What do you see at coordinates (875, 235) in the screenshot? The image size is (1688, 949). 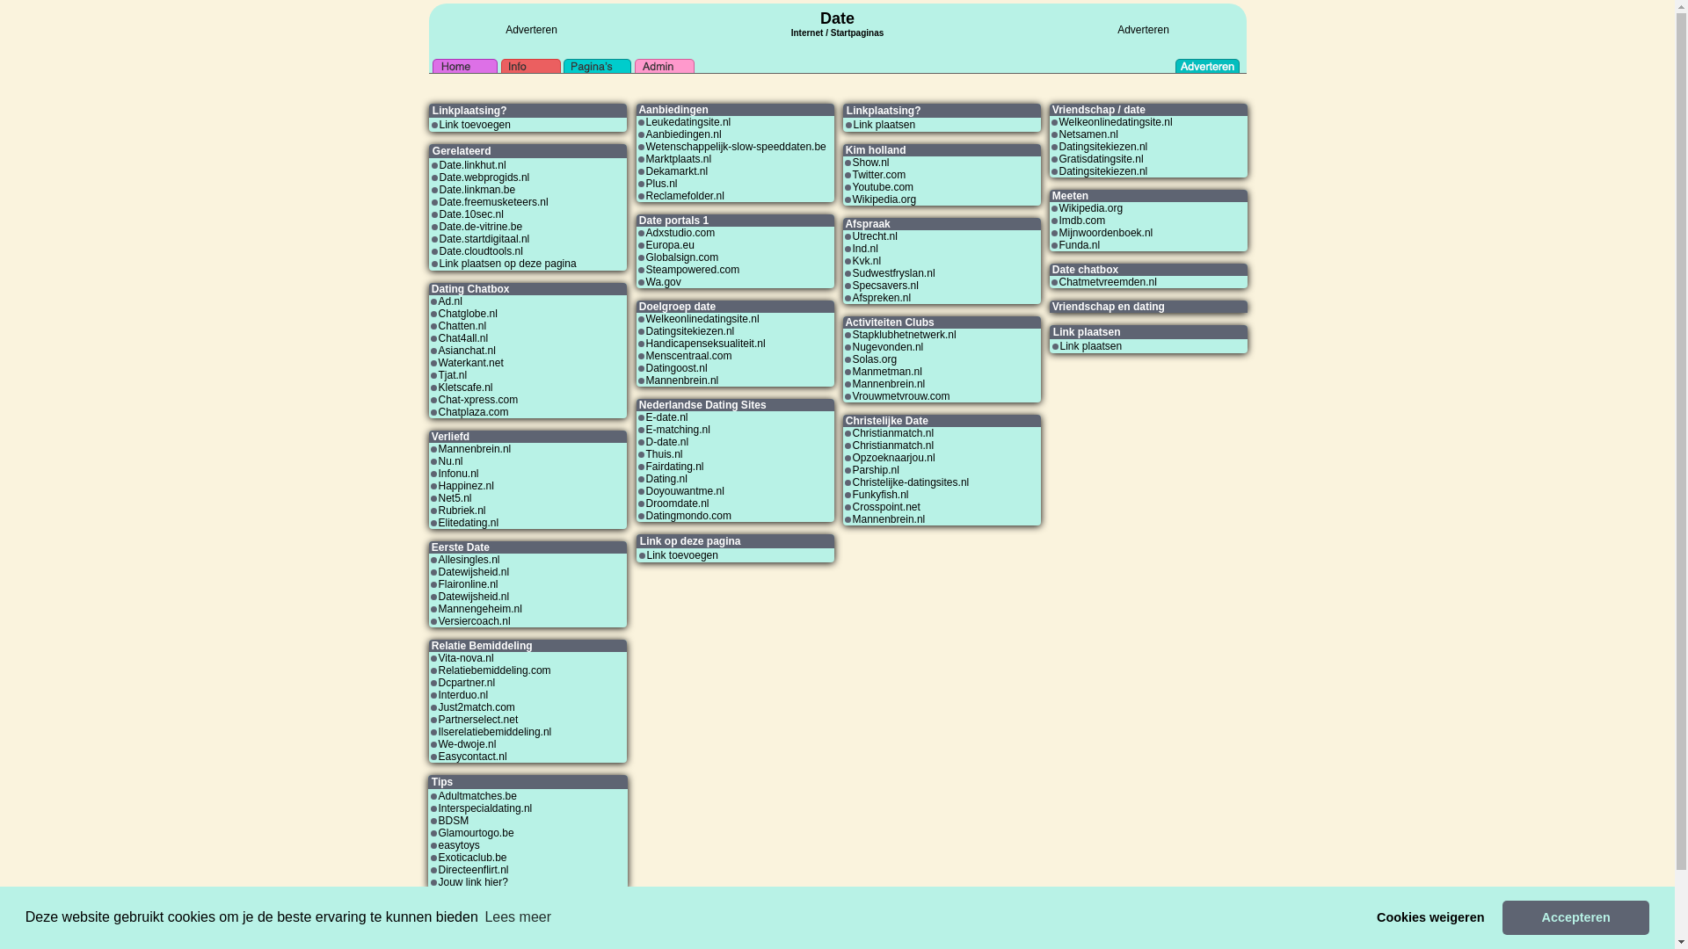 I see `'Utrecht.nl'` at bounding box center [875, 235].